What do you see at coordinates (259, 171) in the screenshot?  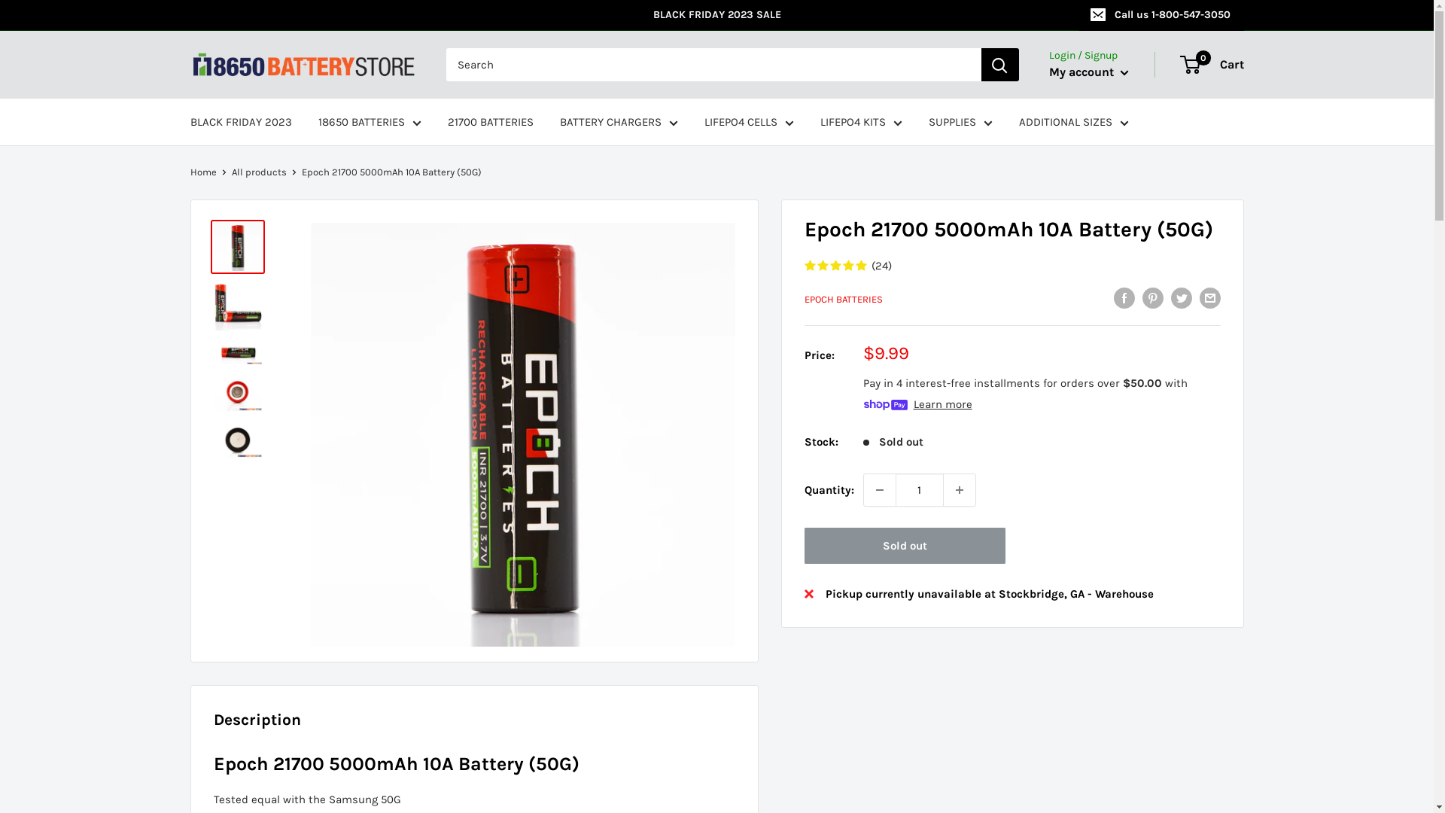 I see `'All products'` at bounding box center [259, 171].